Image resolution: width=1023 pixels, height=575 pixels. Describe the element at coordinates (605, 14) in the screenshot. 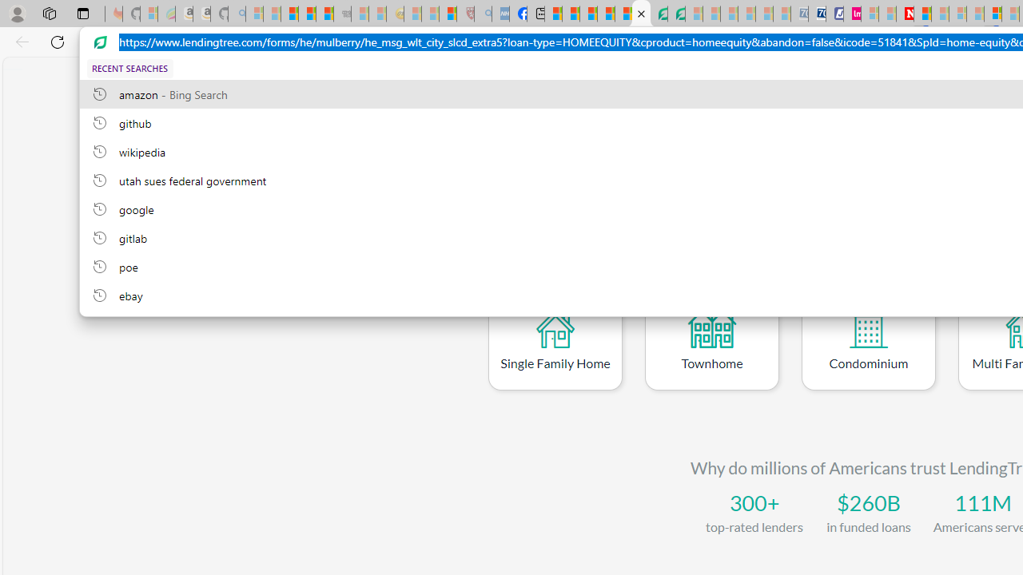

I see `'Pets - MSN'` at that location.